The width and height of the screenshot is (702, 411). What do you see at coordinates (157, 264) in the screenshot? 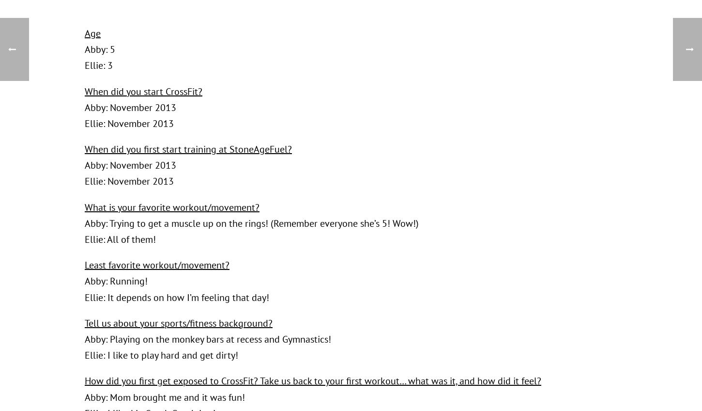
I see `'Least favorite workout/movement?'` at bounding box center [157, 264].